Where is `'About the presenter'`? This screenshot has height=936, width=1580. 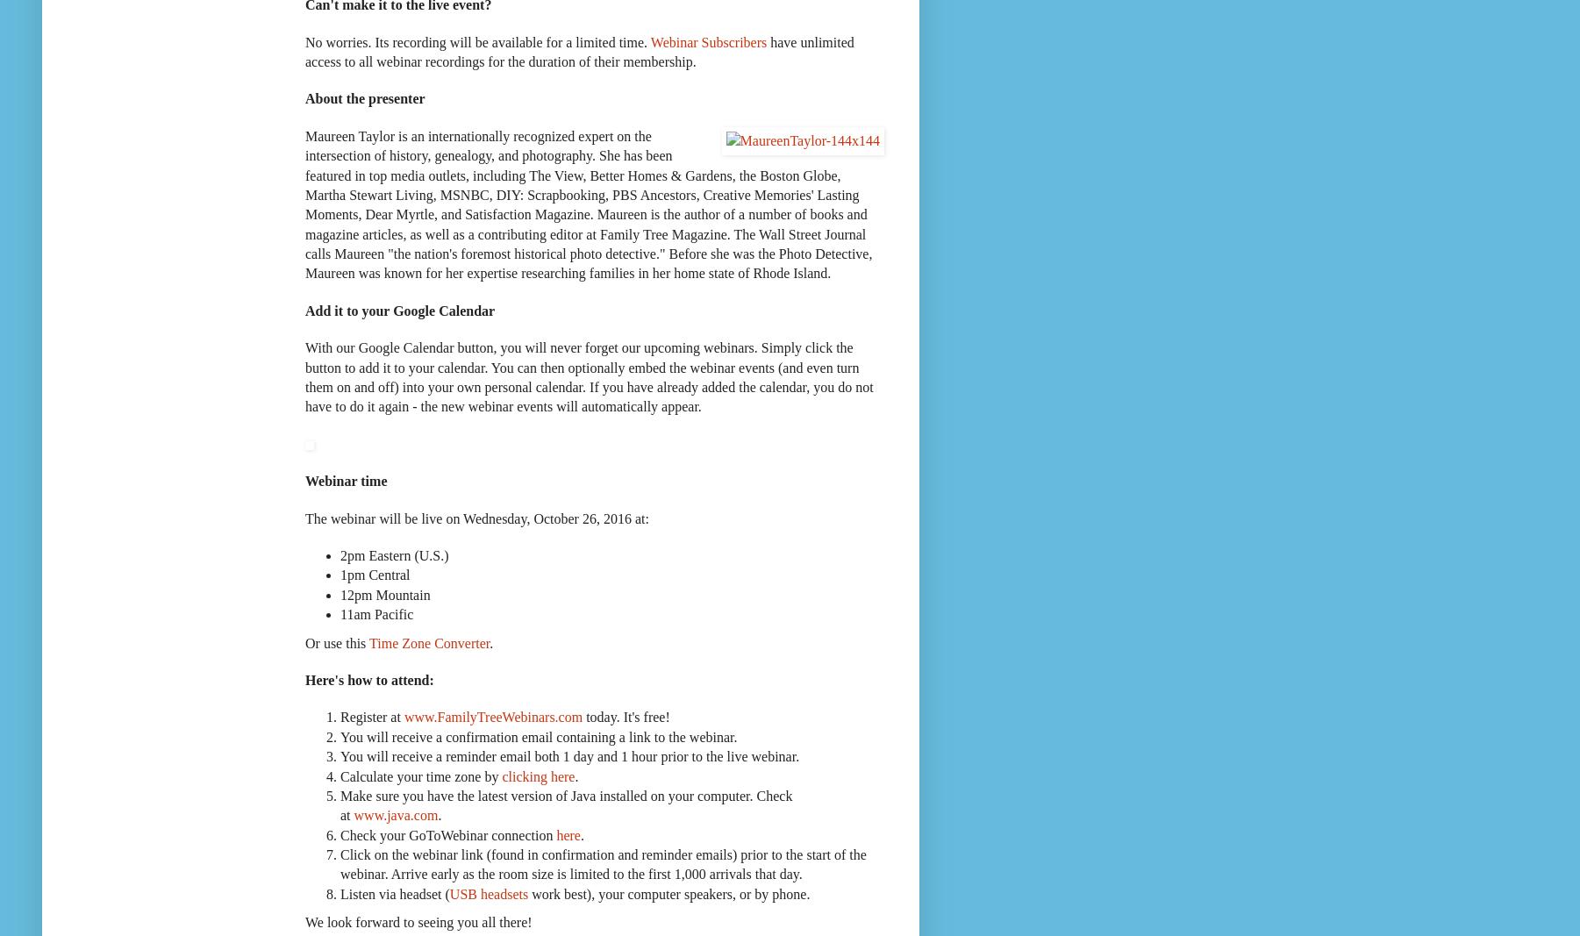
'About the presenter' is located at coordinates (304, 97).